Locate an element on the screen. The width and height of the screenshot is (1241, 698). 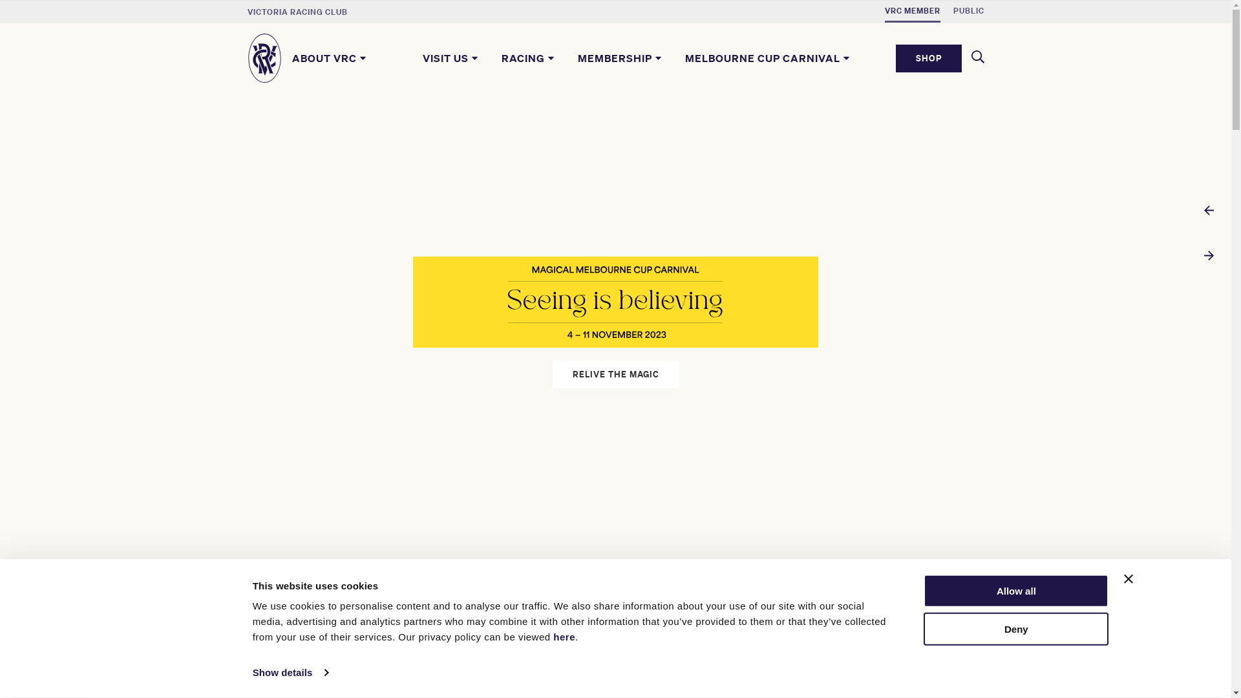
'VICTORIA RACING CLUB' is located at coordinates (296, 12).